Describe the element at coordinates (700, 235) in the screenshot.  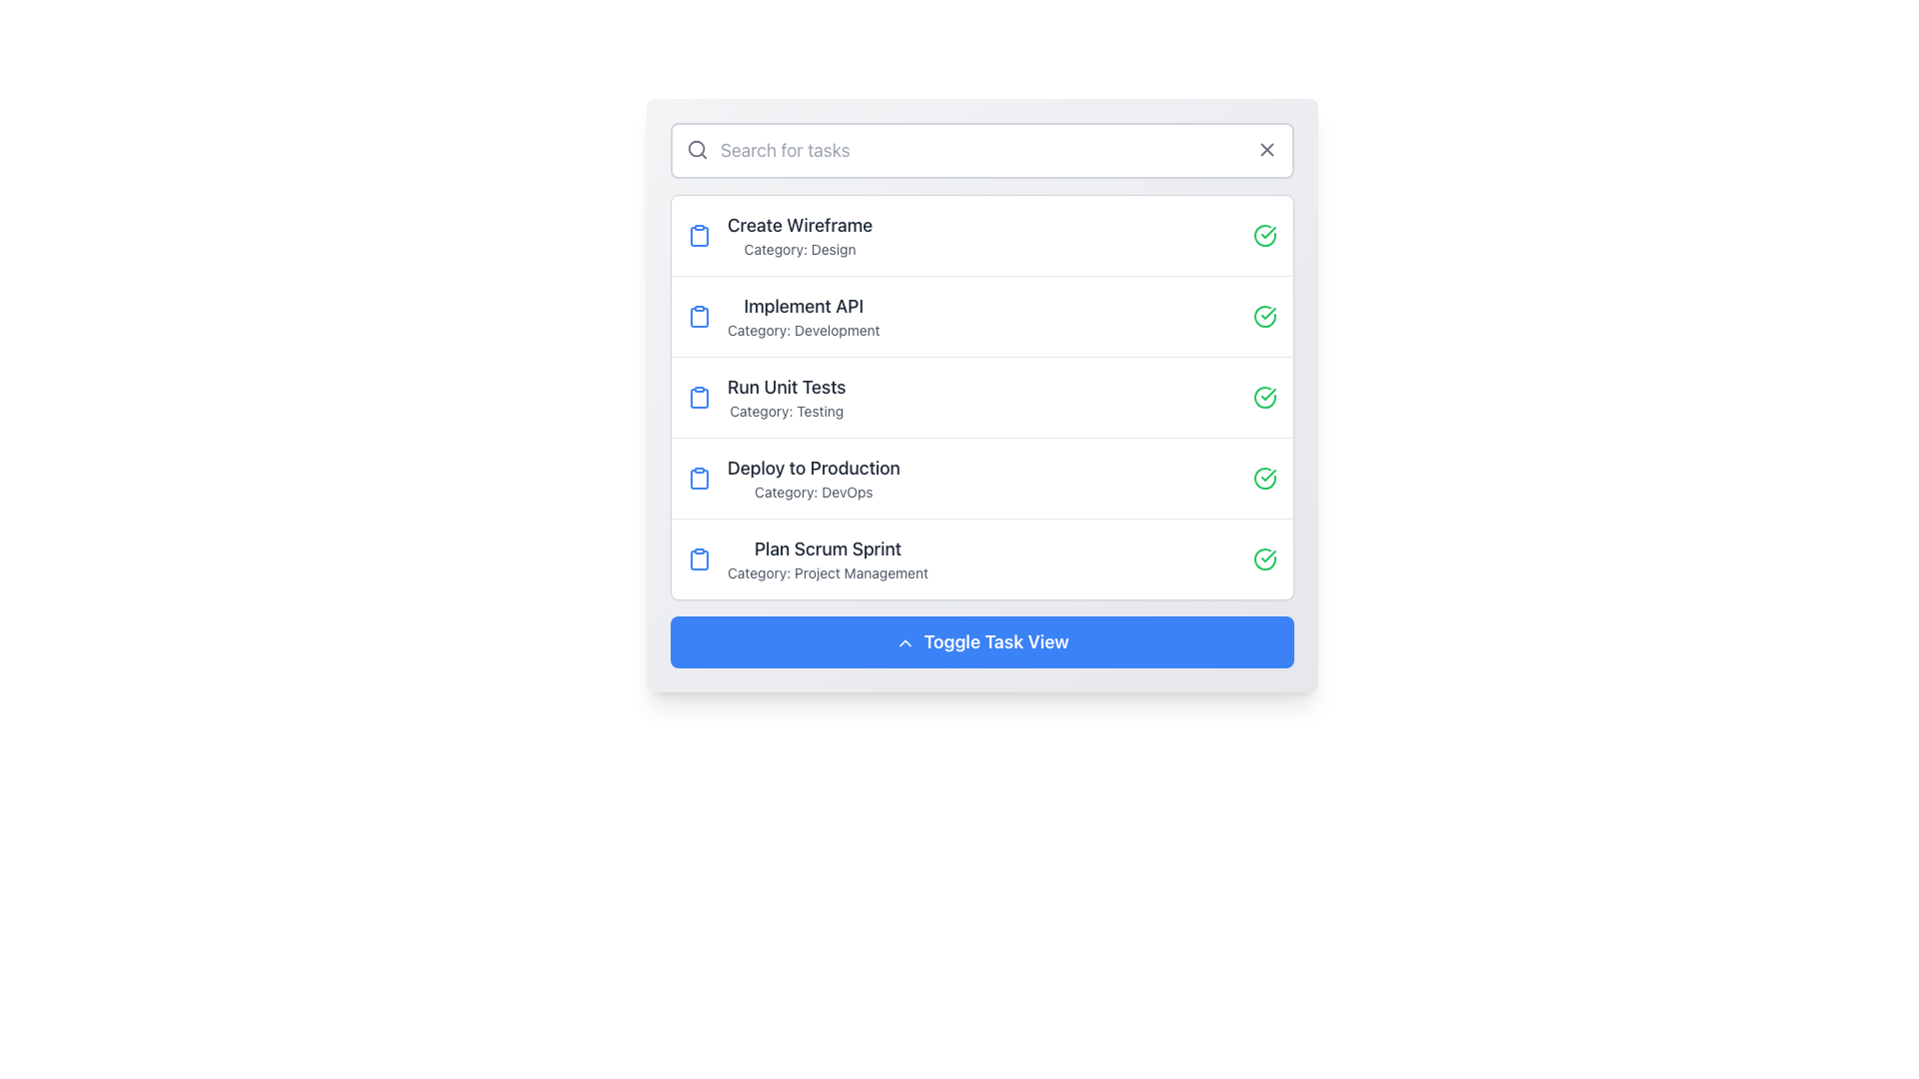
I see `the 'Create Wireframe' task icon located` at that location.